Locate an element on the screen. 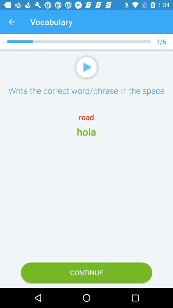 Image resolution: width=173 pixels, height=308 pixels. app next to vocabulary app is located at coordinates (12, 22).